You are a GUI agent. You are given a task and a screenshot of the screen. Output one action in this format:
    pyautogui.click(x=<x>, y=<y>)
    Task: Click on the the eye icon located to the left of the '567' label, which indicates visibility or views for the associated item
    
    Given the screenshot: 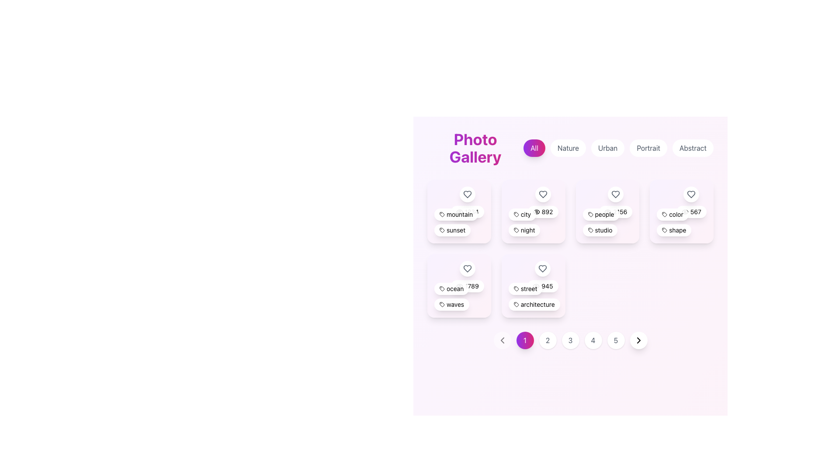 What is the action you would take?
    pyautogui.click(x=684, y=212)
    